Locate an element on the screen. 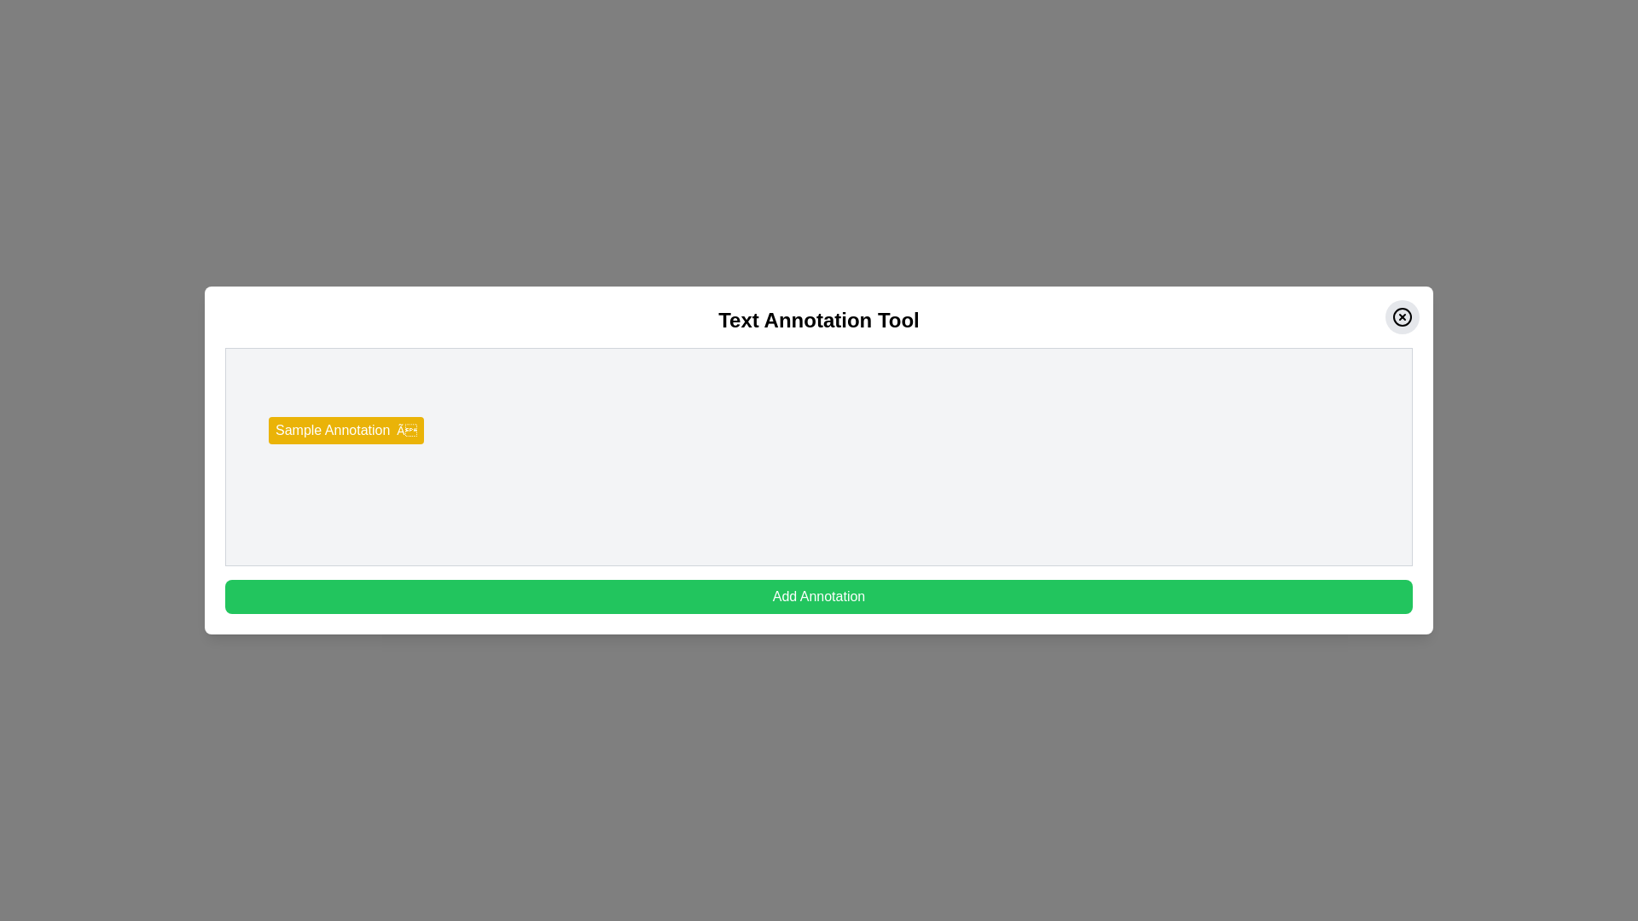 The height and width of the screenshot is (921, 1638). the 'Add Annotation' button to add a new annotation is located at coordinates (819, 595).